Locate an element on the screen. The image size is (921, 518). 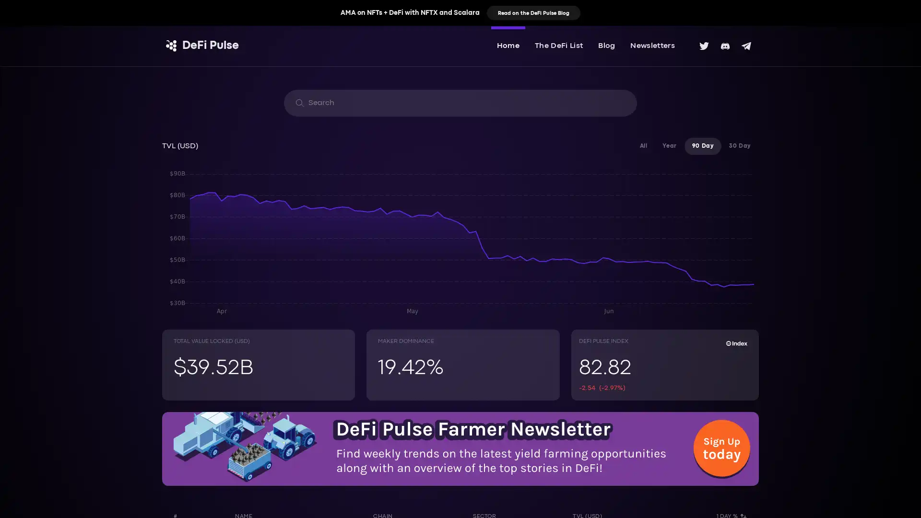
90 Day is located at coordinates (702, 146).